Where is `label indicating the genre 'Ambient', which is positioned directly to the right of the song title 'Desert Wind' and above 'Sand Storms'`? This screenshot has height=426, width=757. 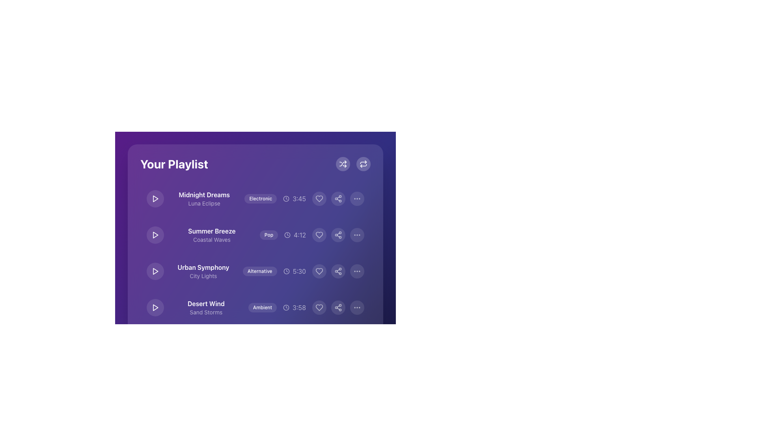 label indicating the genre 'Ambient', which is positioned directly to the right of the song title 'Desert Wind' and above 'Sand Storms' is located at coordinates (255, 307).